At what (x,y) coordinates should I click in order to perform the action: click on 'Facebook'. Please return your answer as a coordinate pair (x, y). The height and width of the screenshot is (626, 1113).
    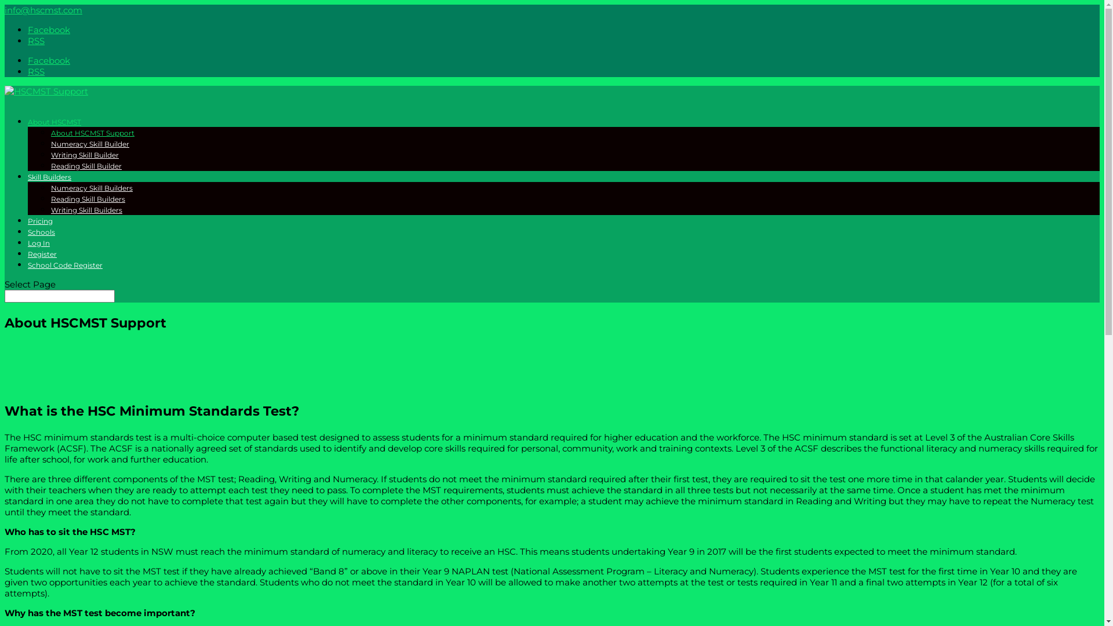
    Looking at the image, I should click on (28, 29).